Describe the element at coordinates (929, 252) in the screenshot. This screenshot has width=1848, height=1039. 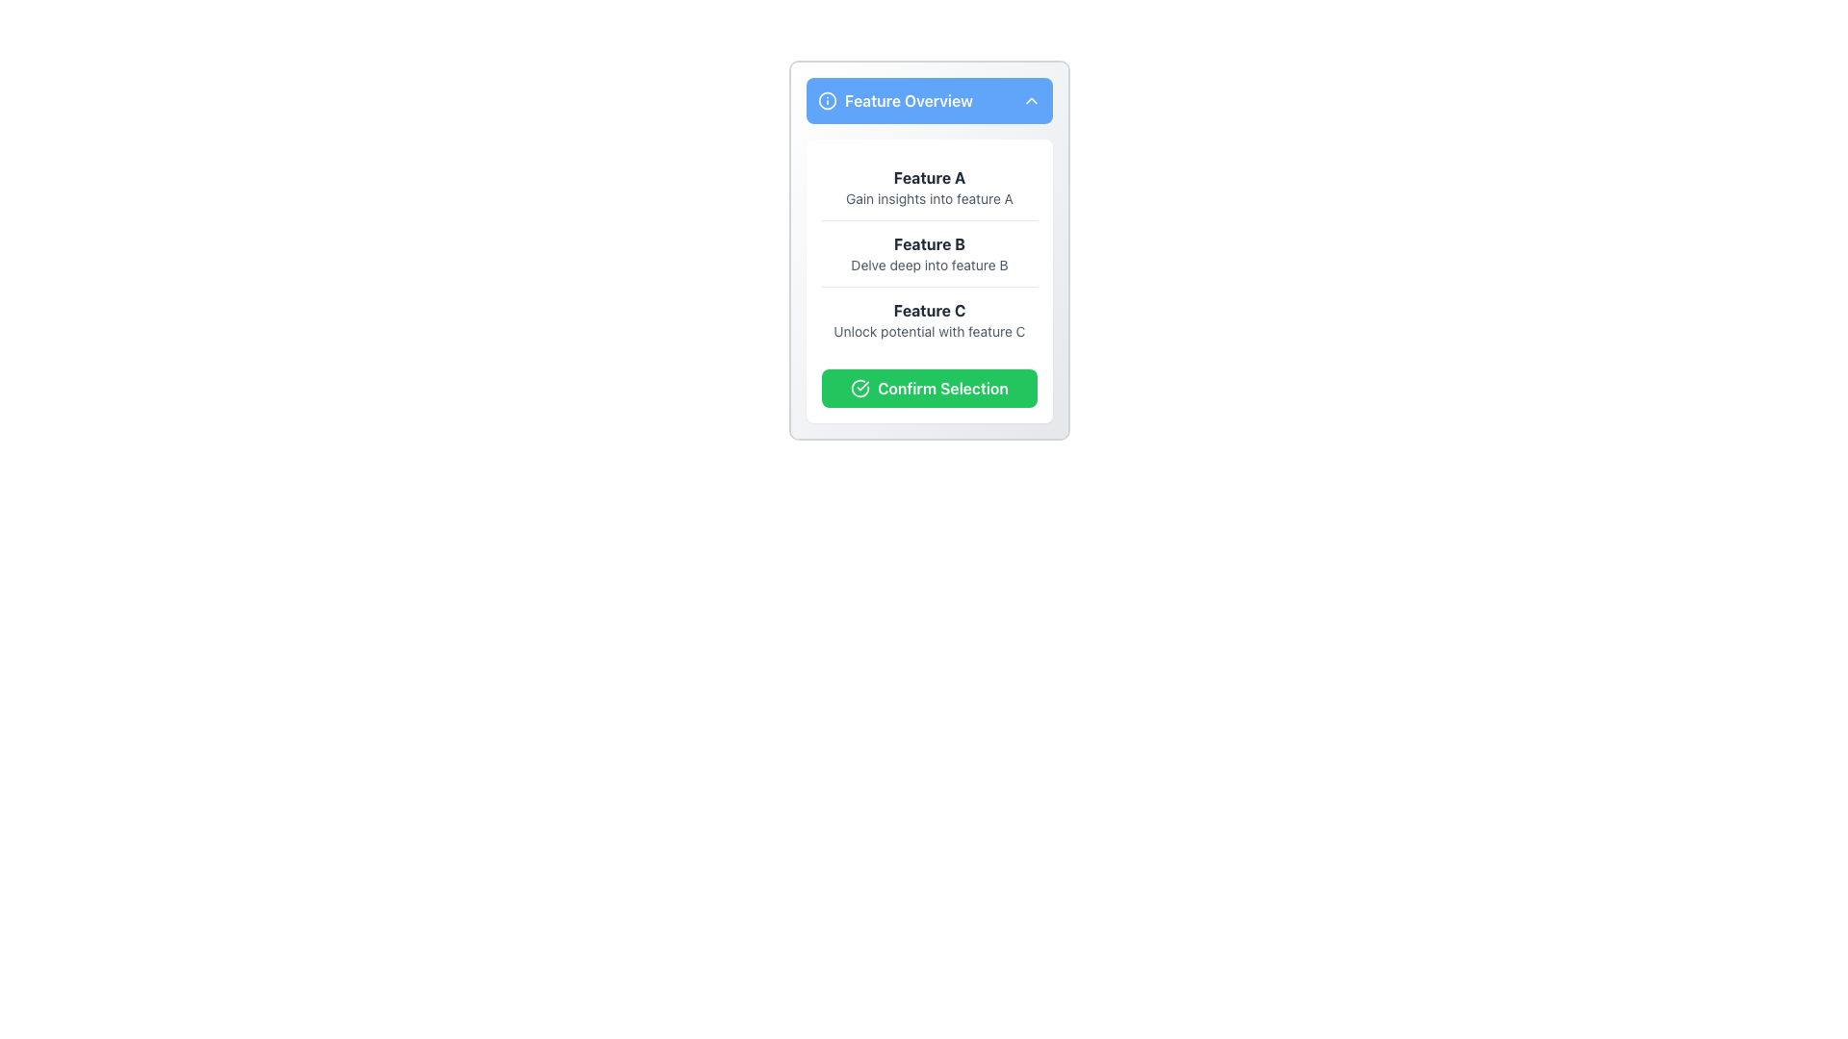
I see `text block titled 'Feature B' with the description 'Delve deep into feature B' located between 'Feature A' and 'Feature C'` at that location.